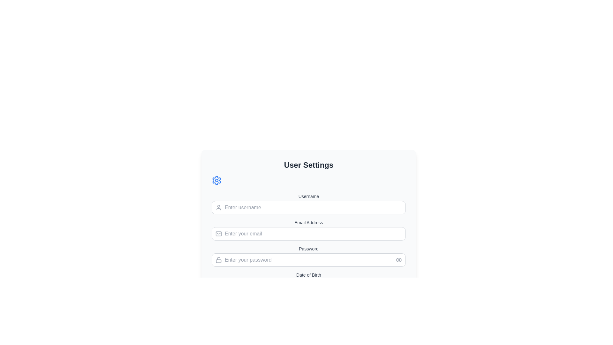 The width and height of the screenshot is (613, 345). I want to click on the envelope icon, which is styled in minimal line-art with a grey stroke, located to the left inside the email input field, so click(219, 234).